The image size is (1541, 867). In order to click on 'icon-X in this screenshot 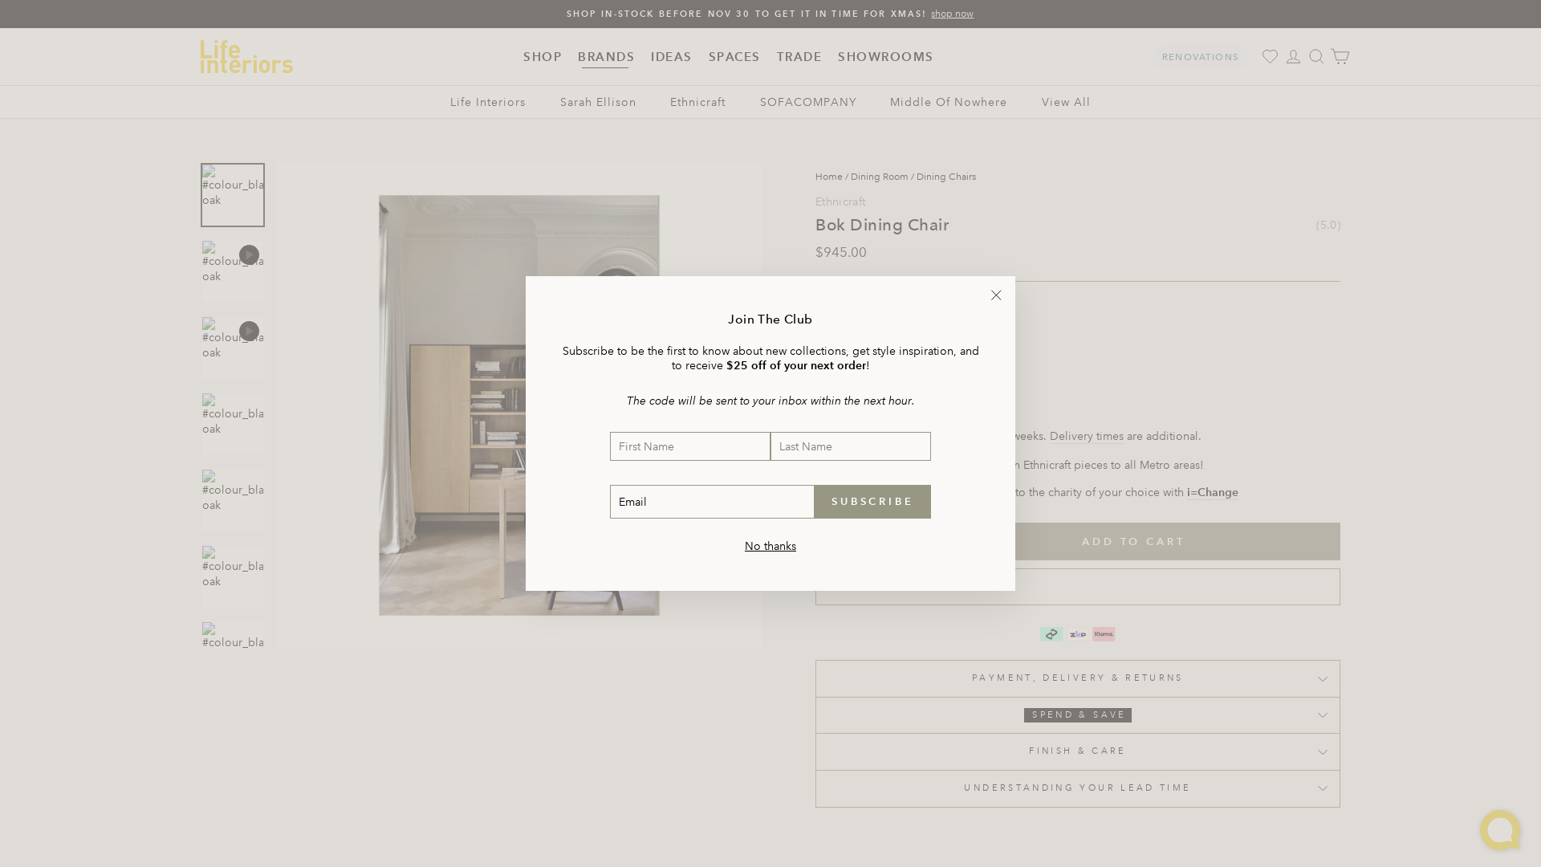, I will do `click(995, 295)`.